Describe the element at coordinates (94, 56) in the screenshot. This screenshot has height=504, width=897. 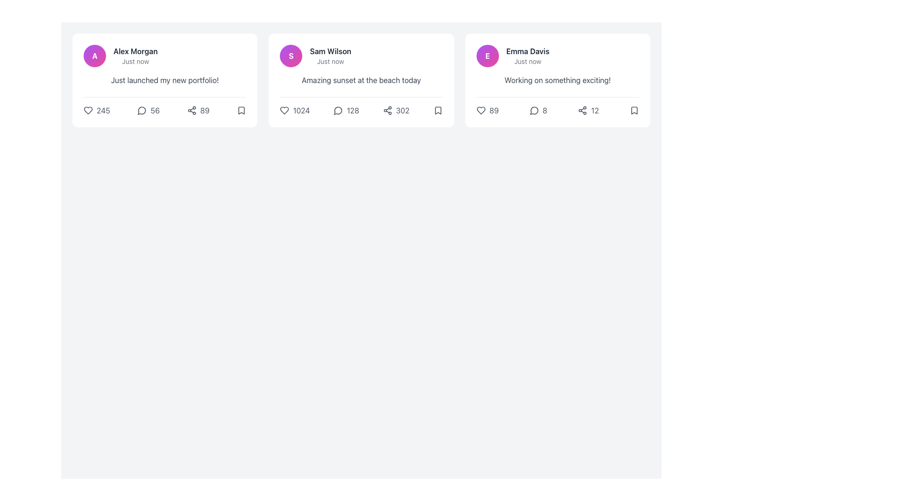
I see `the avatar representing user 'Alex Morgan', which is positioned to the left of the textual information in the first card` at that location.